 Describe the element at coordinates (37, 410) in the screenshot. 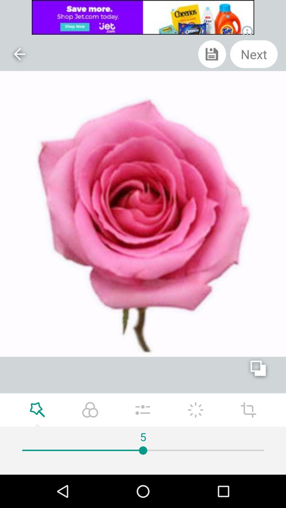

I see `open effects` at that location.